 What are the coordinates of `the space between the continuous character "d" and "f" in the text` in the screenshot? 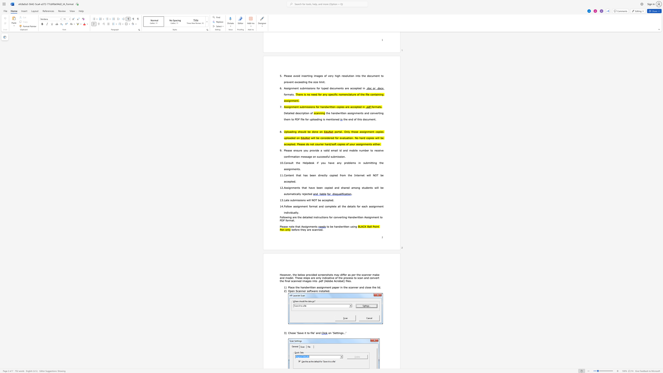 It's located at (322, 280).